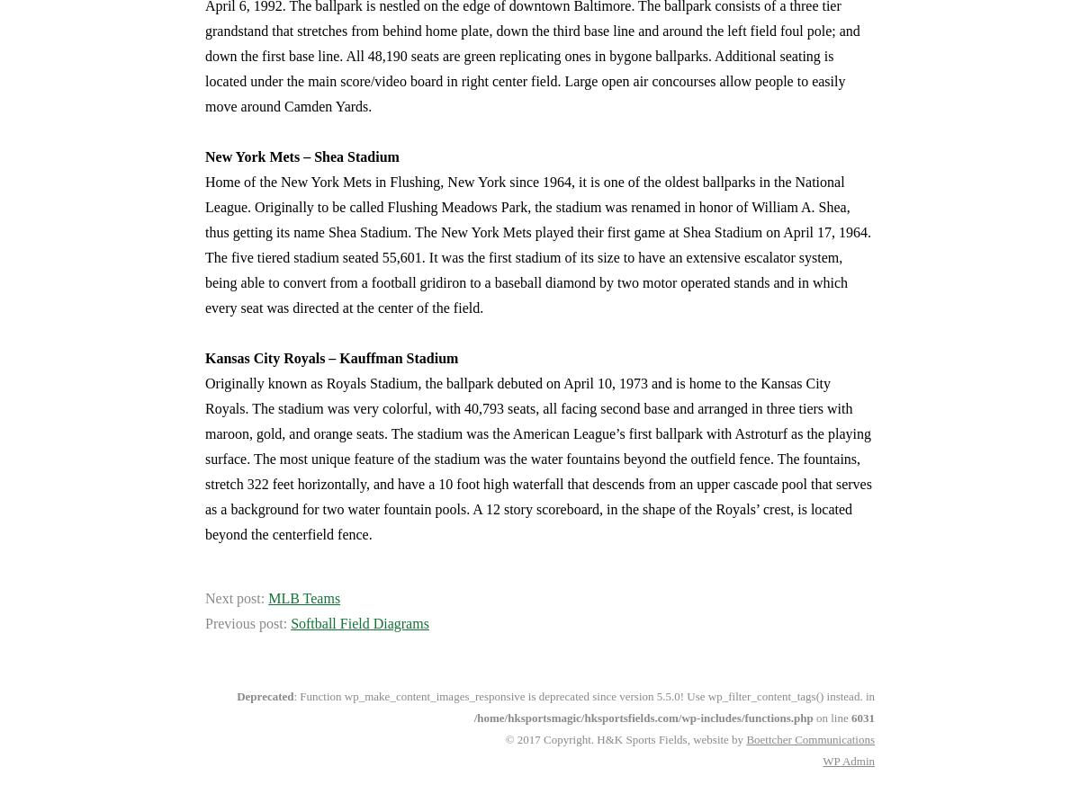 The width and height of the screenshot is (1080, 785). What do you see at coordinates (359, 623) in the screenshot?
I see `'Softball Field Diagrams'` at bounding box center [359, 623].